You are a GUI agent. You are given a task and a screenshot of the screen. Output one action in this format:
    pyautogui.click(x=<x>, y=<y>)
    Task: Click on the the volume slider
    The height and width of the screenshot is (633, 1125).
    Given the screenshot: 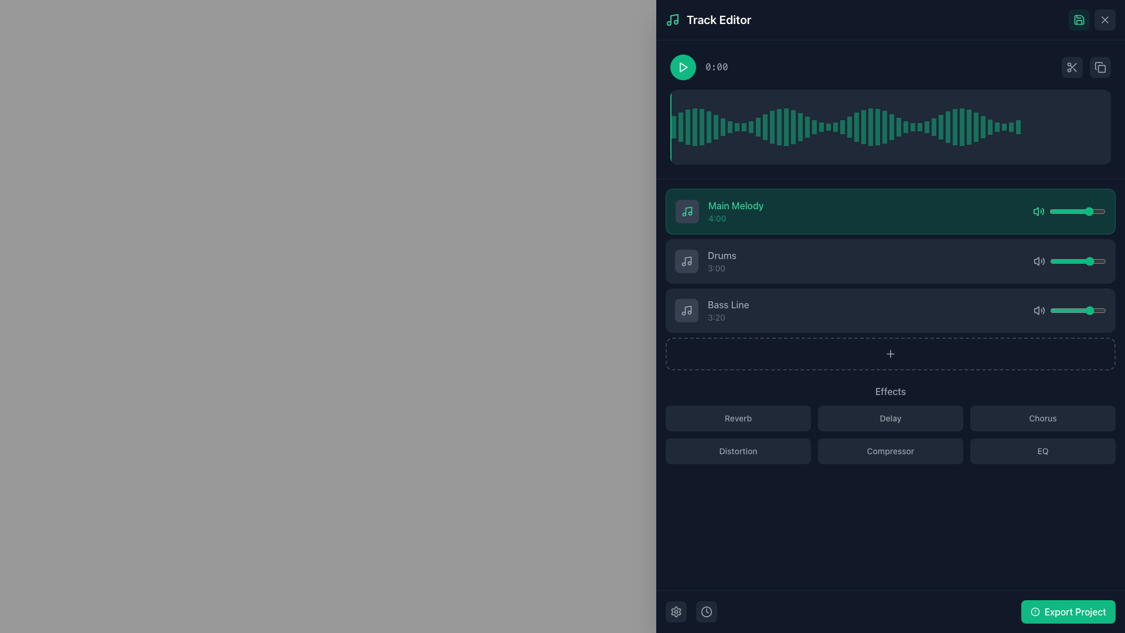 What is the action you would take?
    pyautogui.click(x=1057, y=309)
    